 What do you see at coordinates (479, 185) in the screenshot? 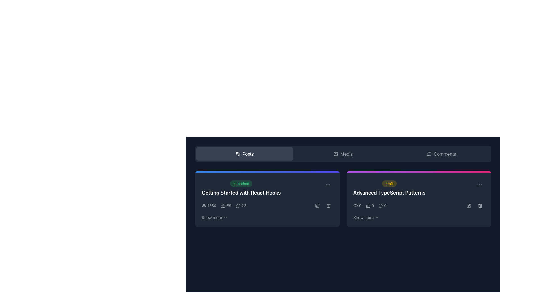
I see `the icon button located` at bounding box center [479, 185].